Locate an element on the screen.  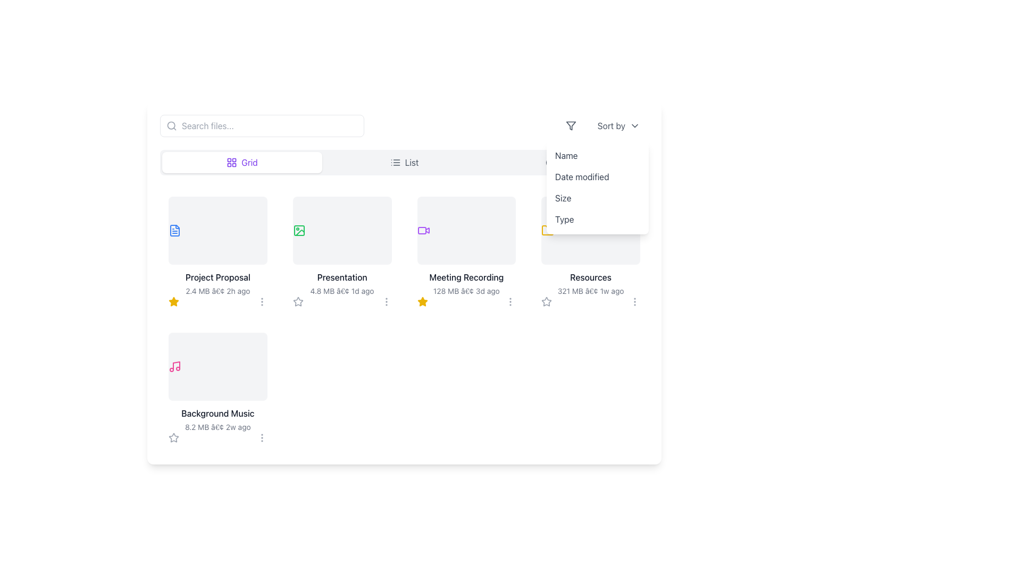
the static text label displaying the file size and modification time '128 MB • 3d ago', which is located below the title 'Meeting Recording' in the bottom portion of the card is located at coordinates (466, 291).